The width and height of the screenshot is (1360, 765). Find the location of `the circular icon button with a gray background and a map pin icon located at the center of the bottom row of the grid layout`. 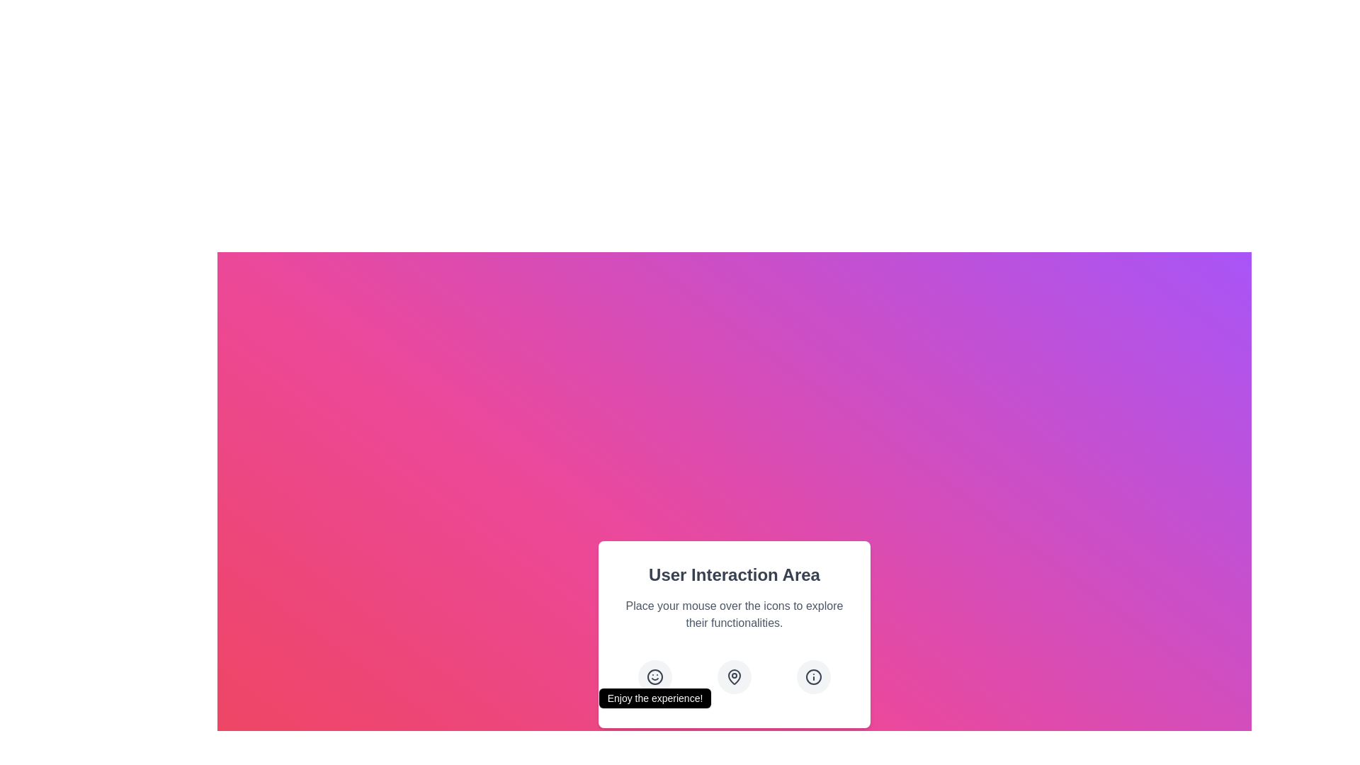

the circular icon button with a gray background and a map pin icon located at the center of the bottom row of the grid layout is located at coordinates (734, 676).